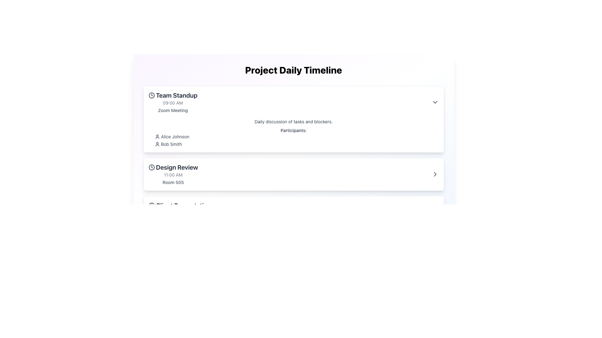  I want to click on the label containing the text 'Zoom Meeting', which is styled in medium gray and positioned beneath '09:00 AM' within the 'Team Standup' card, so click(173, 110).